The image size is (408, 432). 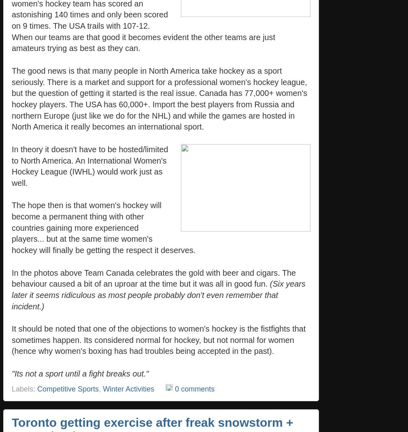 I want to click on 'Competitive Sports', so click(x=68, y=388).